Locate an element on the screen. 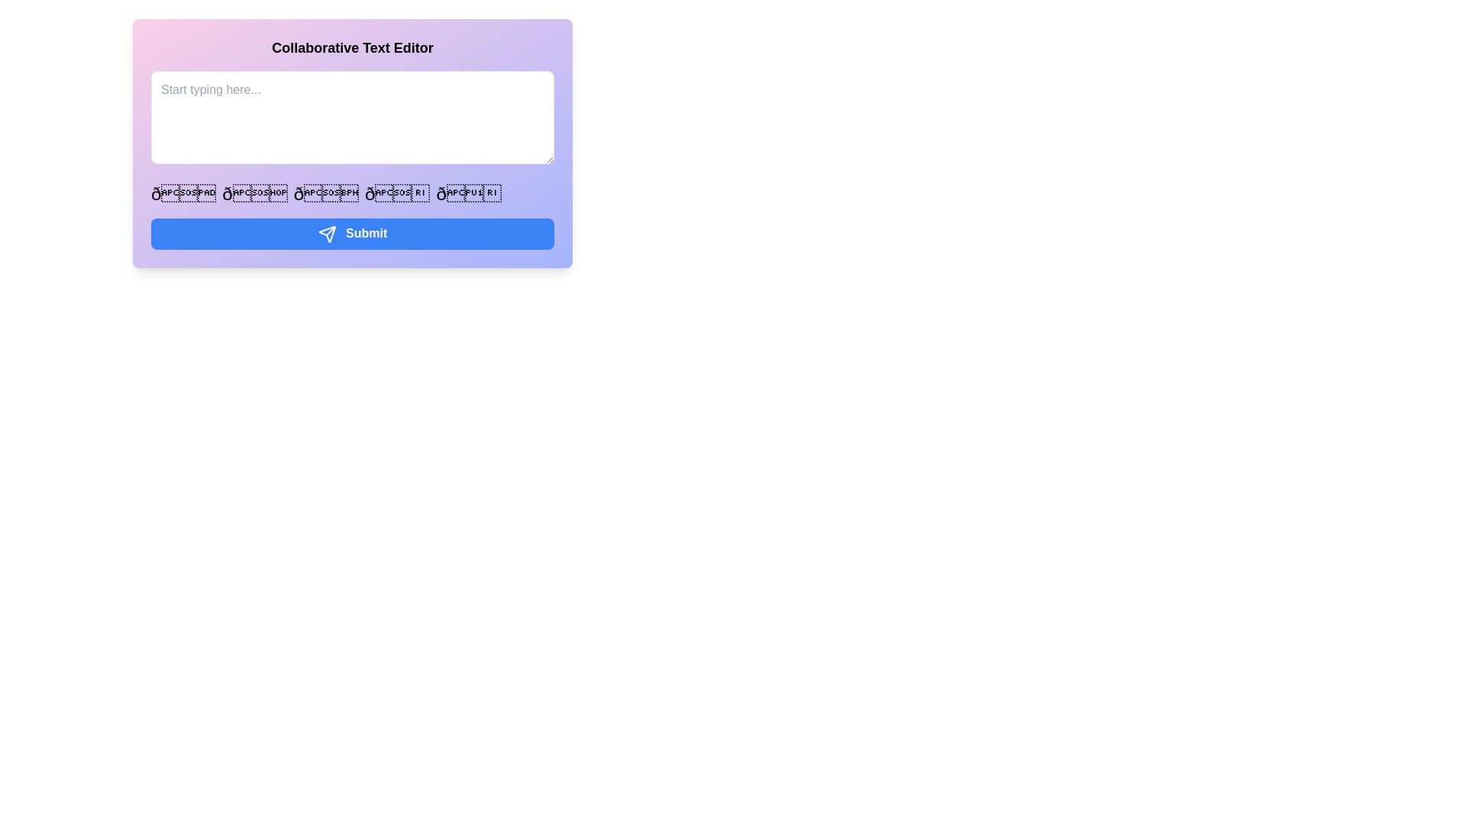 The height and width of the screenshot is (825, 1466). the third emoji from the left in the horizontal group of five is located at coordinates (325, 193).